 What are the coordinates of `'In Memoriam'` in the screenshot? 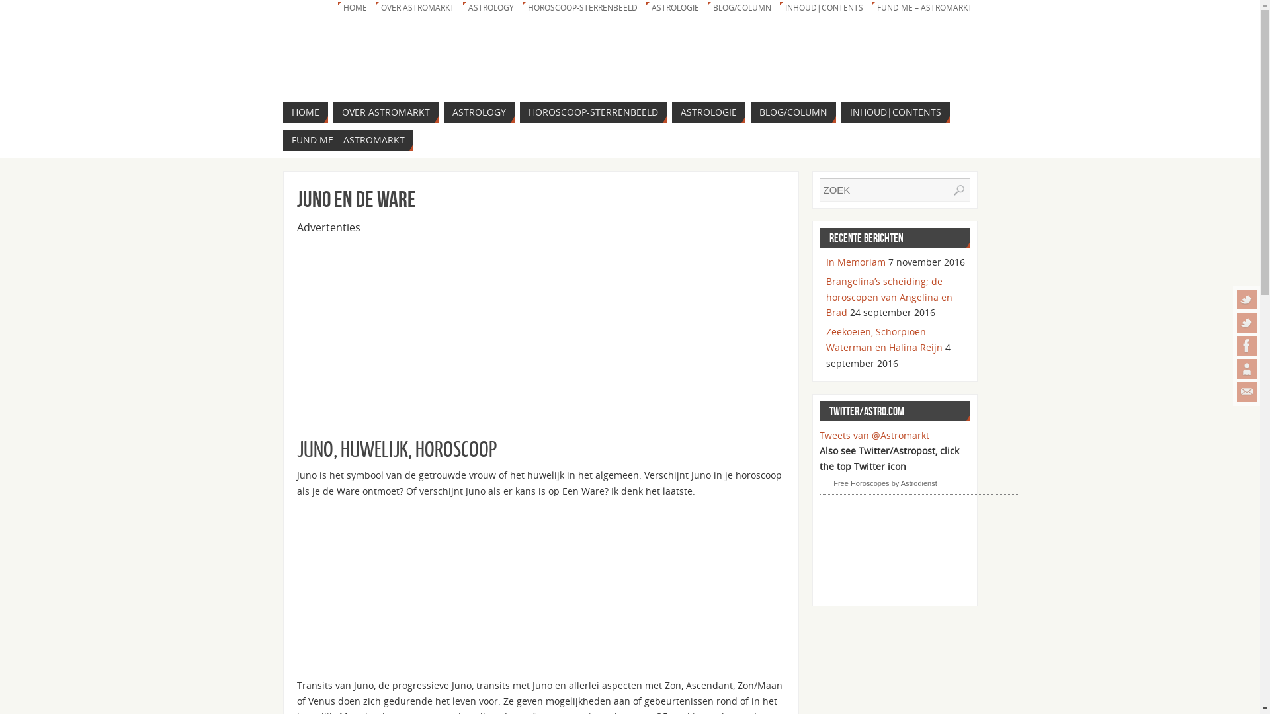 It's located at (855, 262).